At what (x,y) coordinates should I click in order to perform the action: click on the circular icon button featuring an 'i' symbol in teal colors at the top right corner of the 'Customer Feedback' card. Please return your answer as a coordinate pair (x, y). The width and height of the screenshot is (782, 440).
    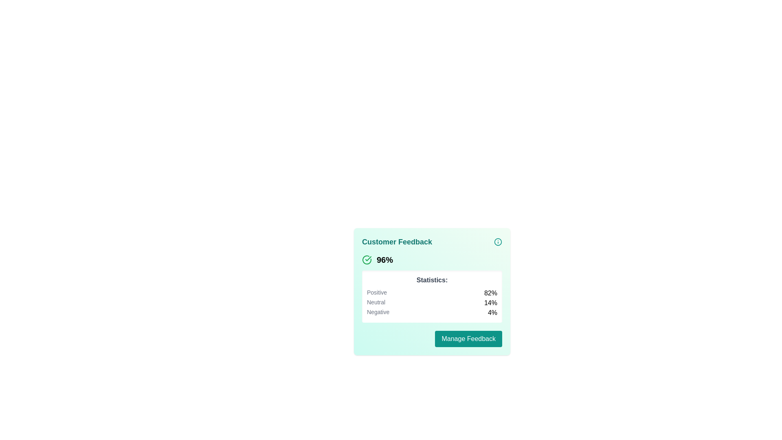
    Looking at the image, I should click on (498, 242).